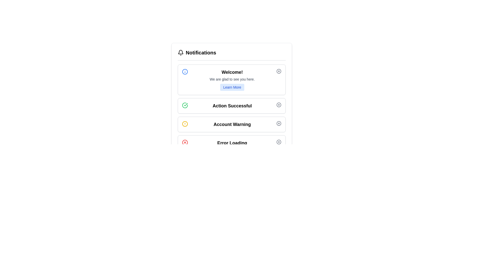 The height and width of the screenshot is (271, 482). What do you see at coordinates (278, 123) in the screenshot?
I see `the circular dismiss button with a grayish outline and a darker gray 'X' in the 'Account Warning' notification tile` at bounding box center [278, 123].